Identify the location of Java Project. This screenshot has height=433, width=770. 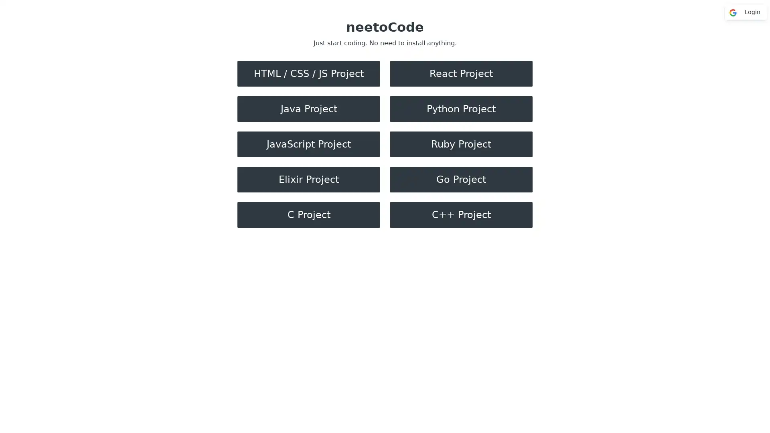
(308, 109).